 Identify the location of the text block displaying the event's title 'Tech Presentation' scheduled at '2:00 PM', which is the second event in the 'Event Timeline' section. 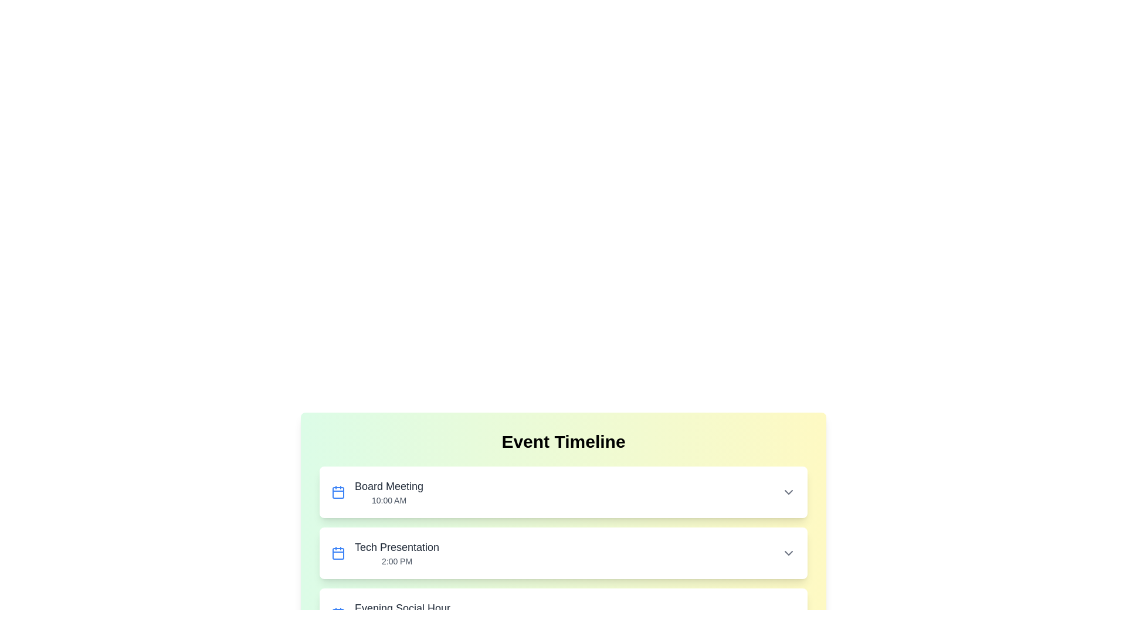
(396, 553).